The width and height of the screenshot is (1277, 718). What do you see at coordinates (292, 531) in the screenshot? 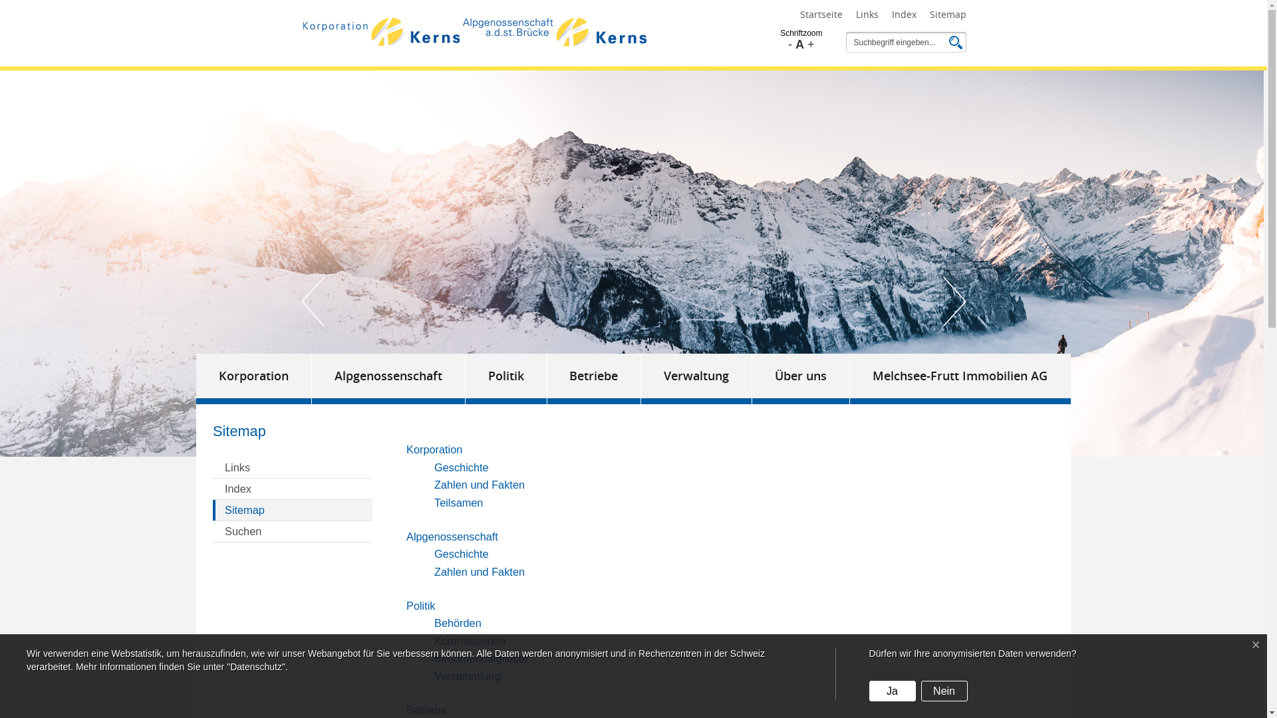
I see `'Suchen'` at bounding box center [292, 531].